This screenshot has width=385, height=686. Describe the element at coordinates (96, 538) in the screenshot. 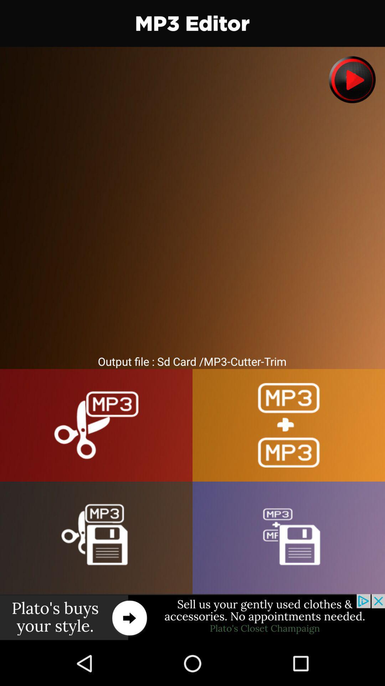

I see `sd card cutter` at that location.